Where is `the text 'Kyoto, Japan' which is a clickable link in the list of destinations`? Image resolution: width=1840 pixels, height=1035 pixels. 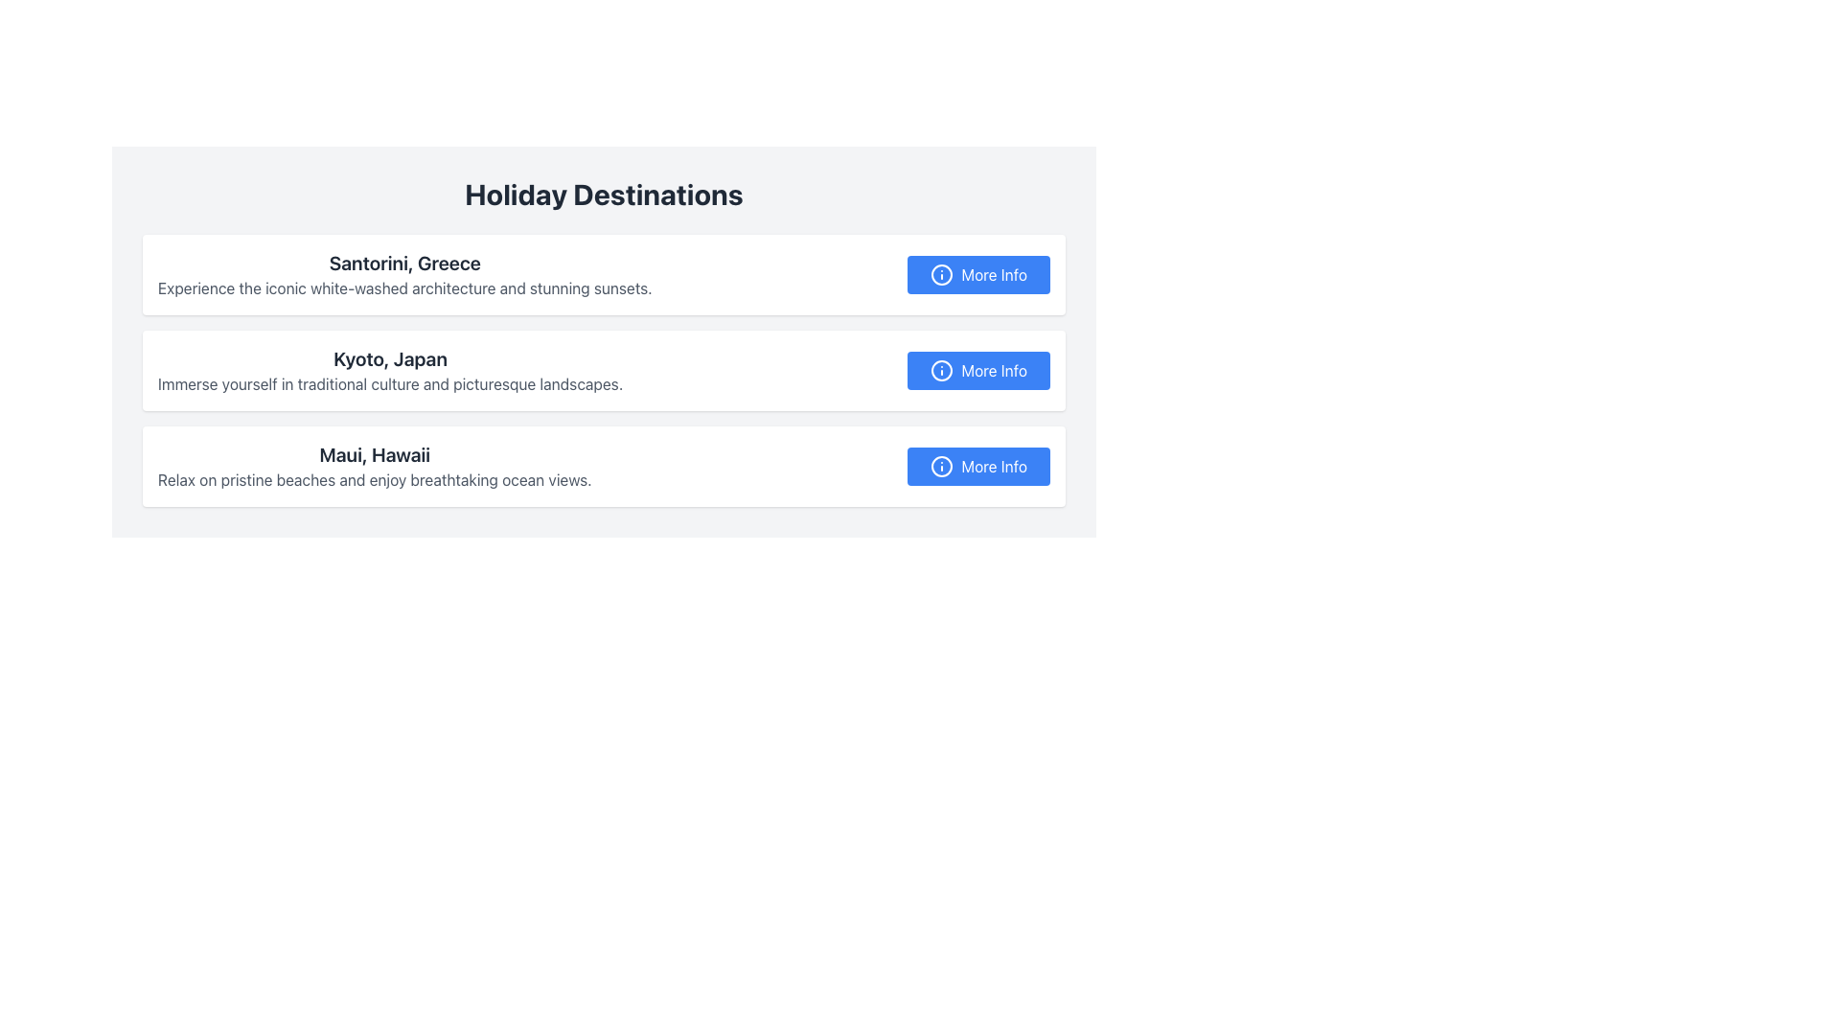 the text 'Kyoto, Japan' which is a clickable link in the list of destinations is located at coordinates (389, 358).